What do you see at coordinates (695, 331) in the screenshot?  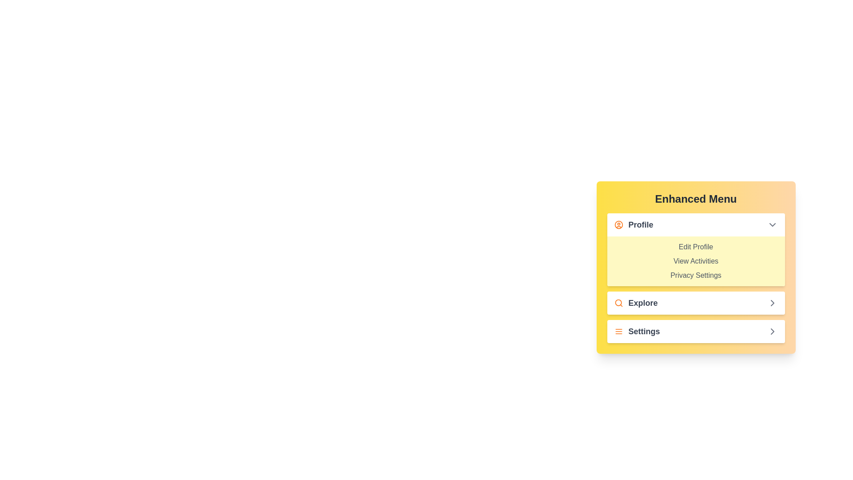 I see `the 'Settings' button-like list item with a white background and rounded corners, located within the 'Enhanced Menu' section` at bounding box center [695, 331].